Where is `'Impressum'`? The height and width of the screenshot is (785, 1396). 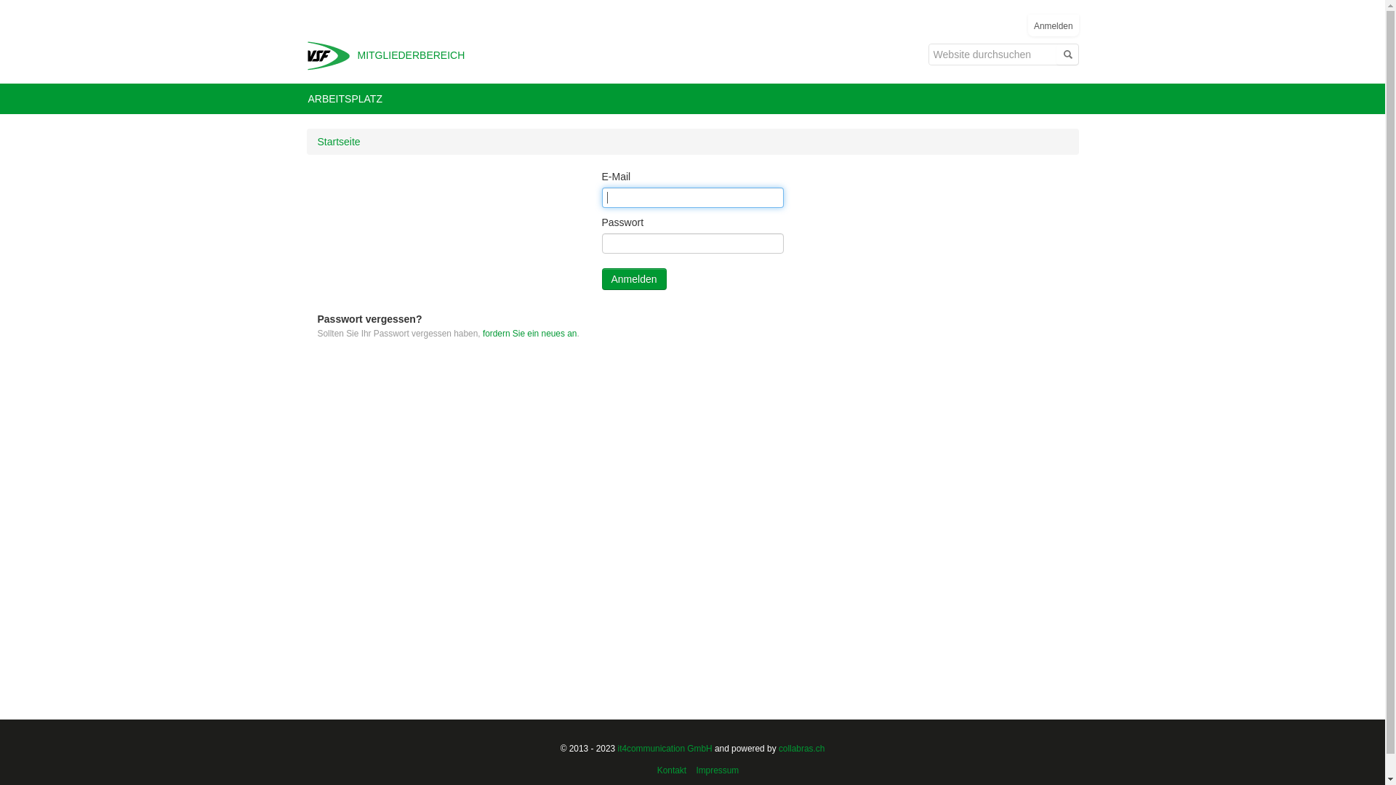 'Impressum' is located at coordinates (694, 770).